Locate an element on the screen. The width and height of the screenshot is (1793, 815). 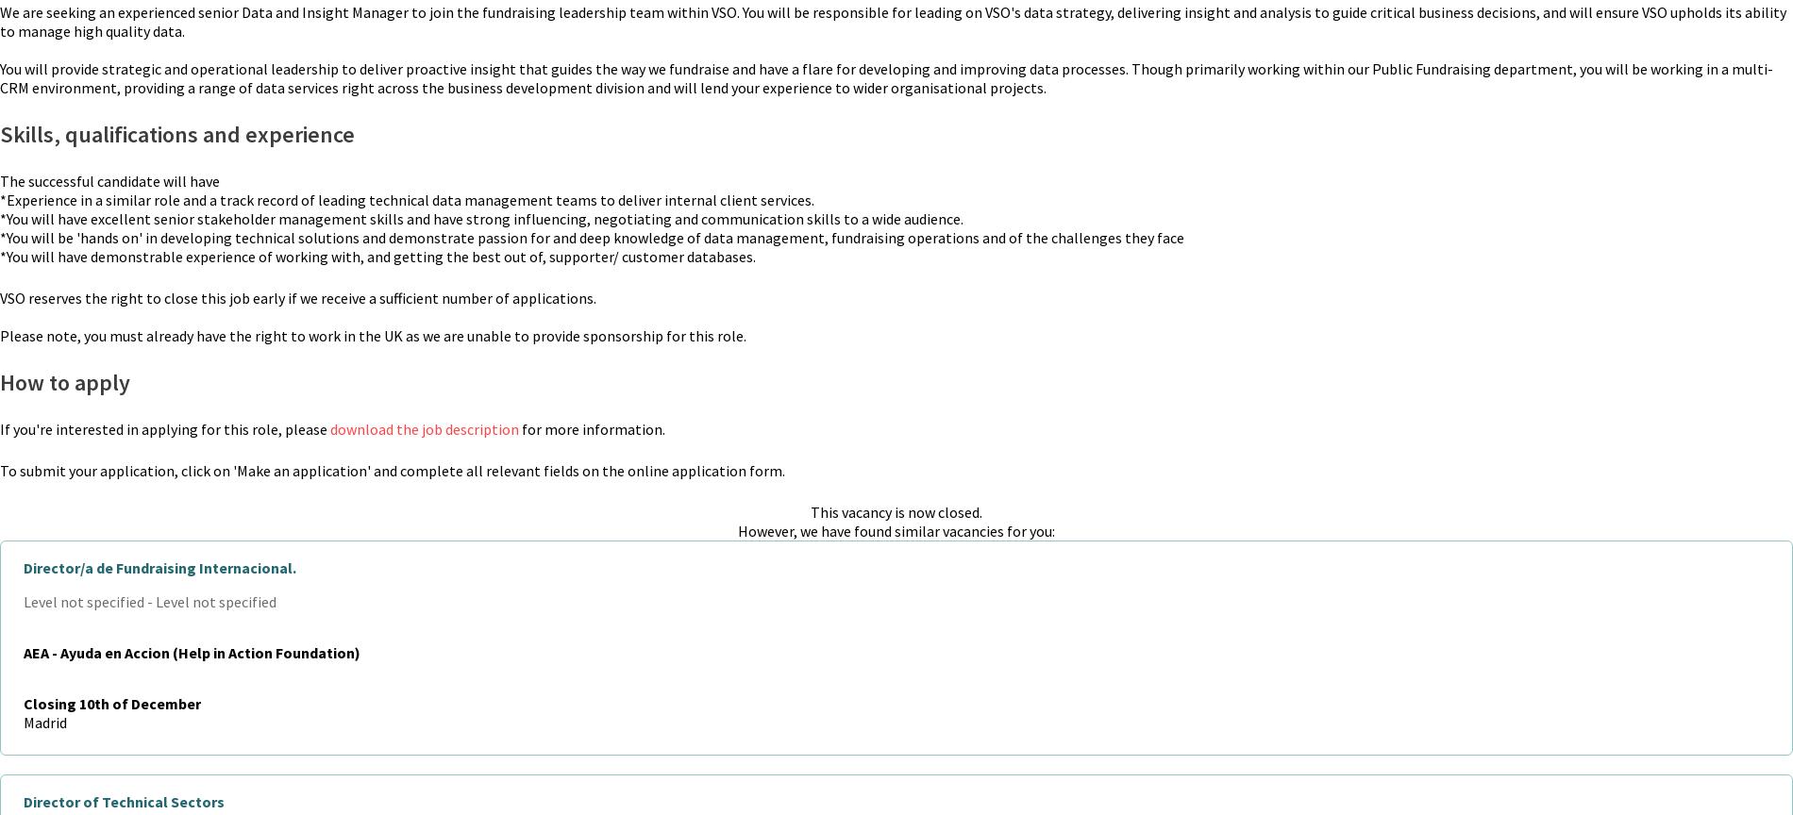
'About Impactpool' is located at coordinates (1421, 452).